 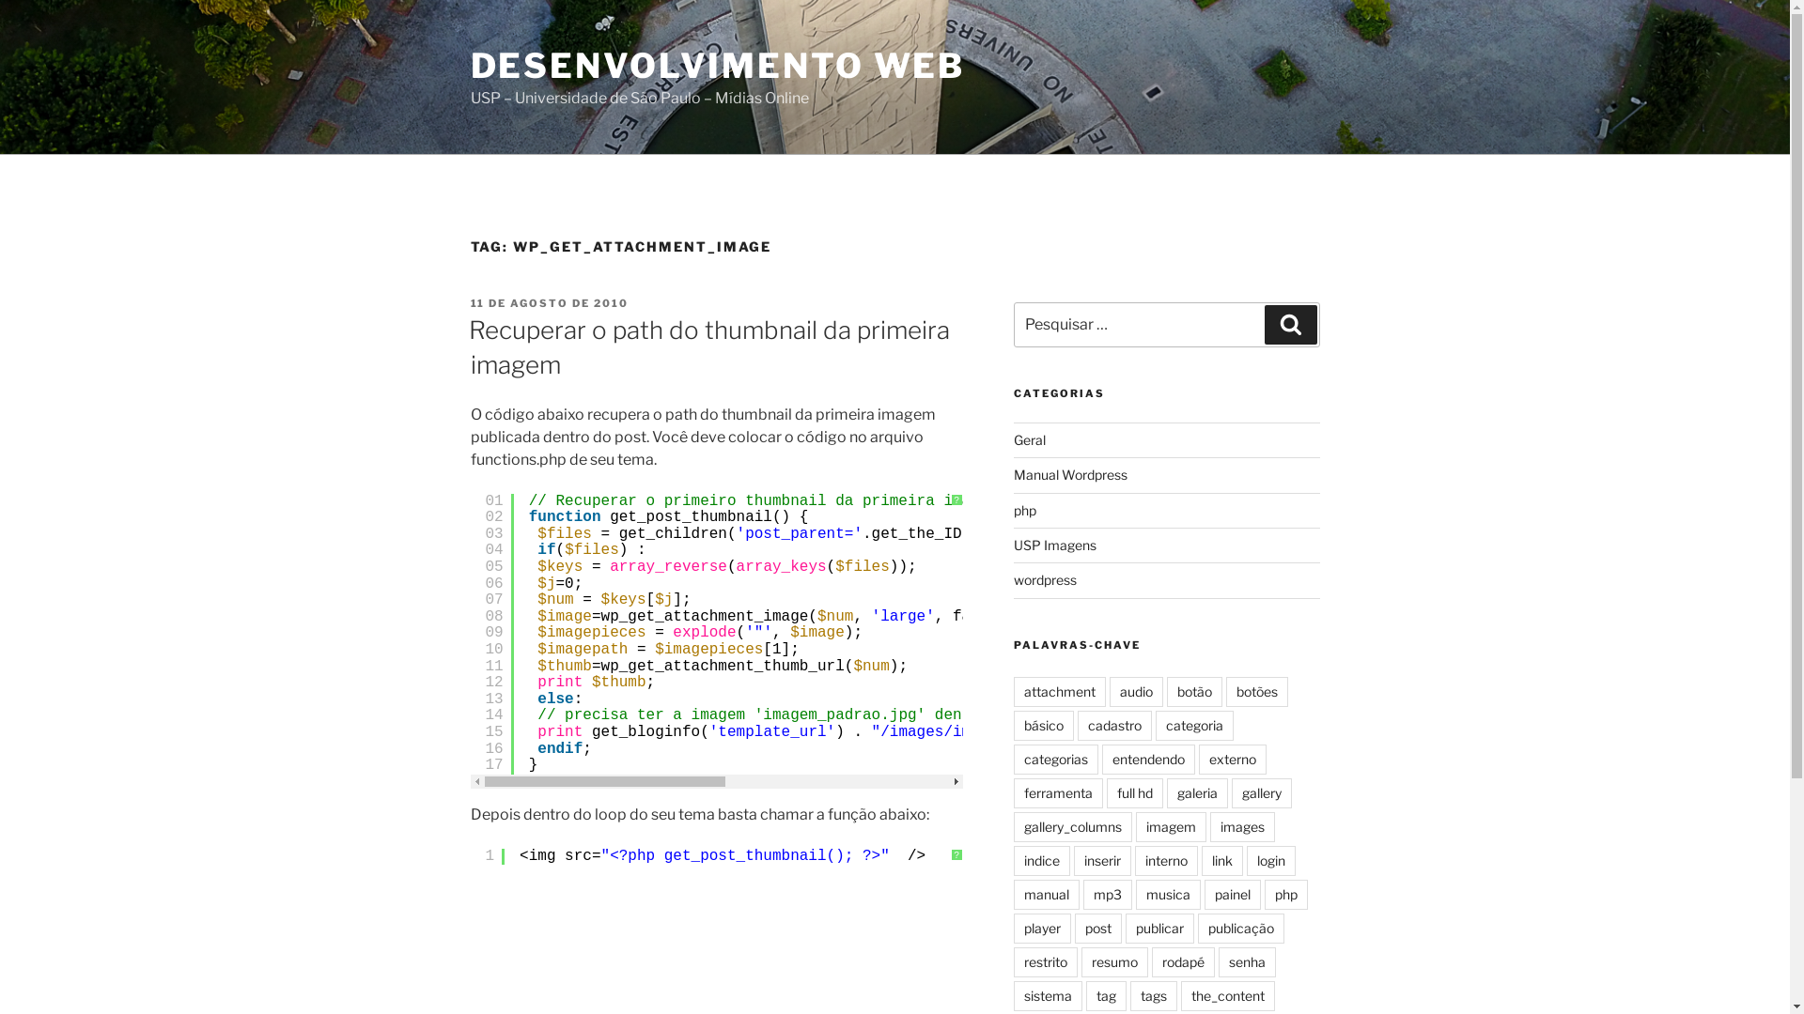 What do you see at coordinates (1055, 759) in the screenshot?
I see `'categorias'` at bounding box center [1055, 759].